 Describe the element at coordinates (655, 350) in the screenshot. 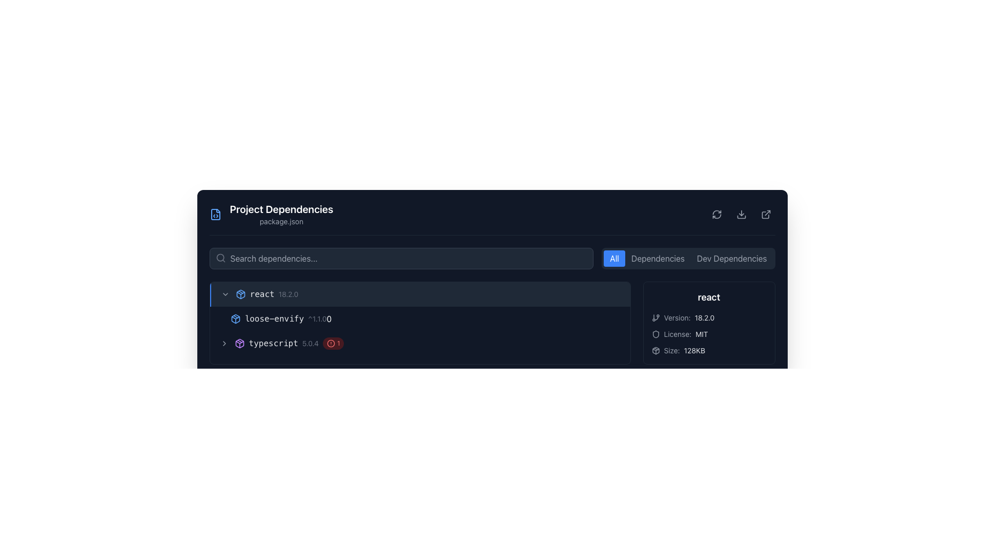

I see `the visual representation of the gray package box icon located at the beginning of the information block titled 'Size: 128KB' beneath the label 'react'` at that location.